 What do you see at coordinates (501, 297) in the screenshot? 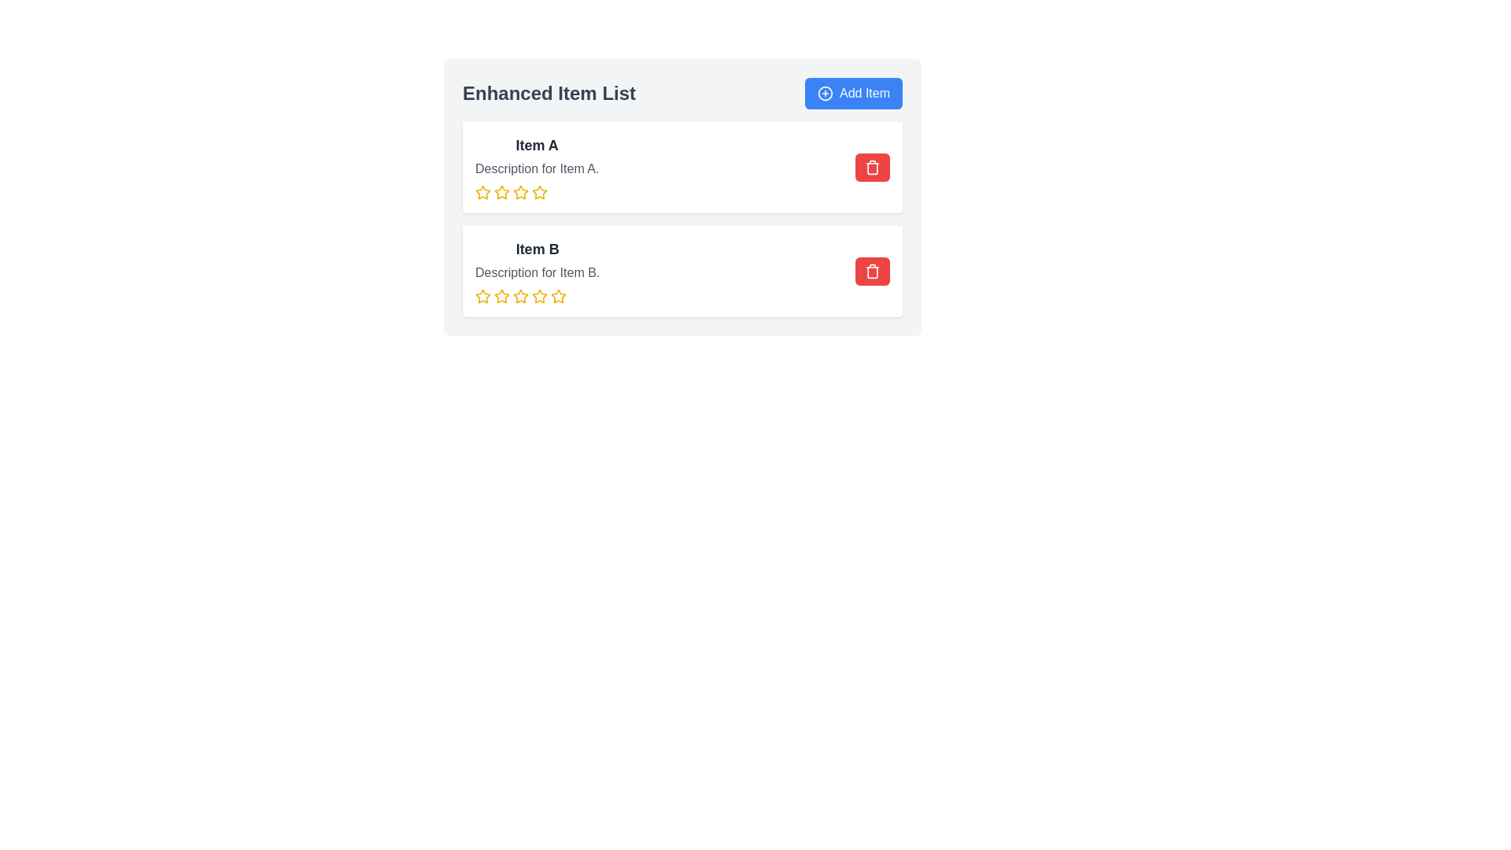
I see `the second star icon in the rating control for 'Item B', which has a yellow outline and is positioned between the first star and the remaining three stars` at bounding box center [501, 297].